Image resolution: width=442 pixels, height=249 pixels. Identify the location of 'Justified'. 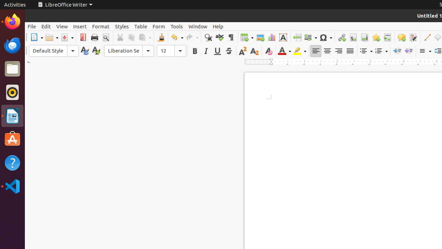
(350, 50).